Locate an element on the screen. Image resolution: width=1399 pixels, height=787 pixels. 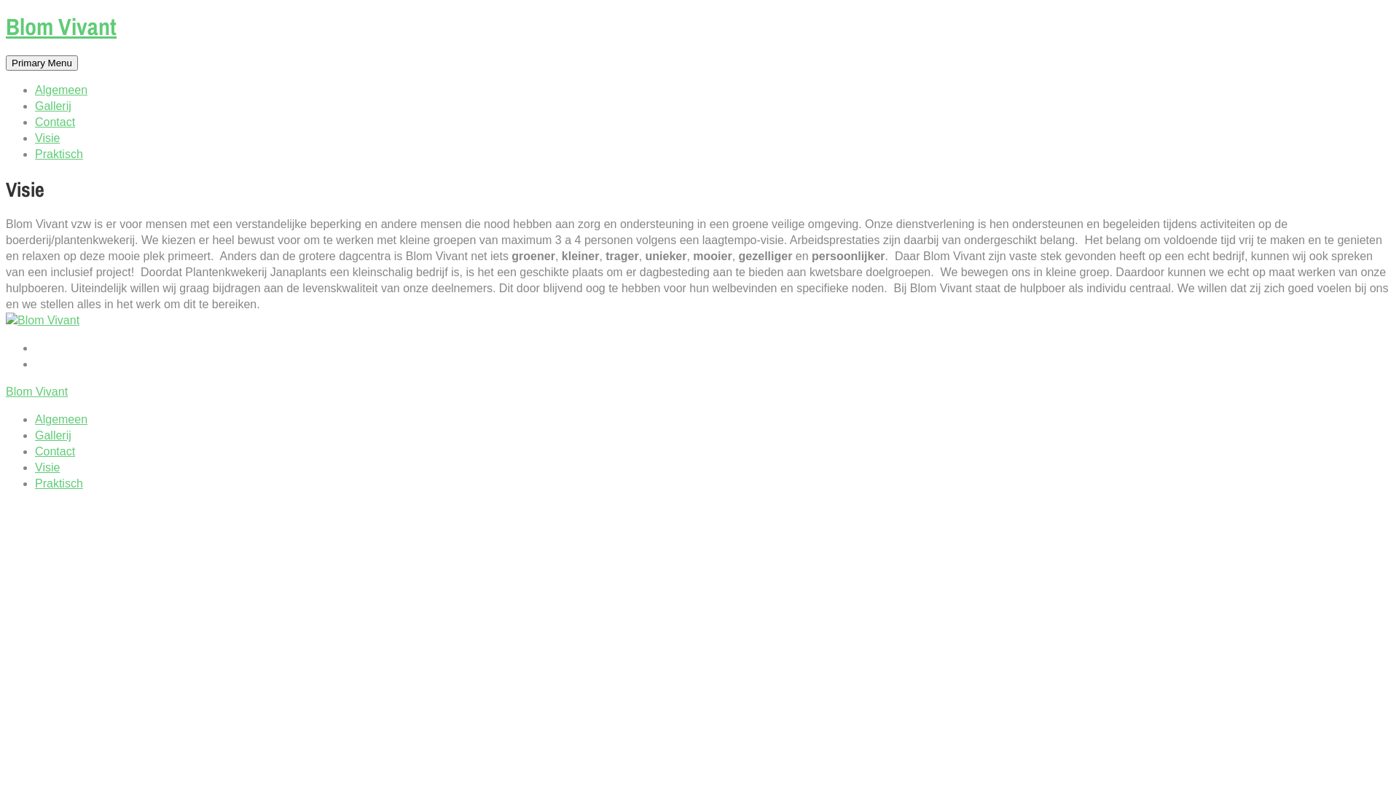
'Praktisch' is located at coordinates (58, 483).